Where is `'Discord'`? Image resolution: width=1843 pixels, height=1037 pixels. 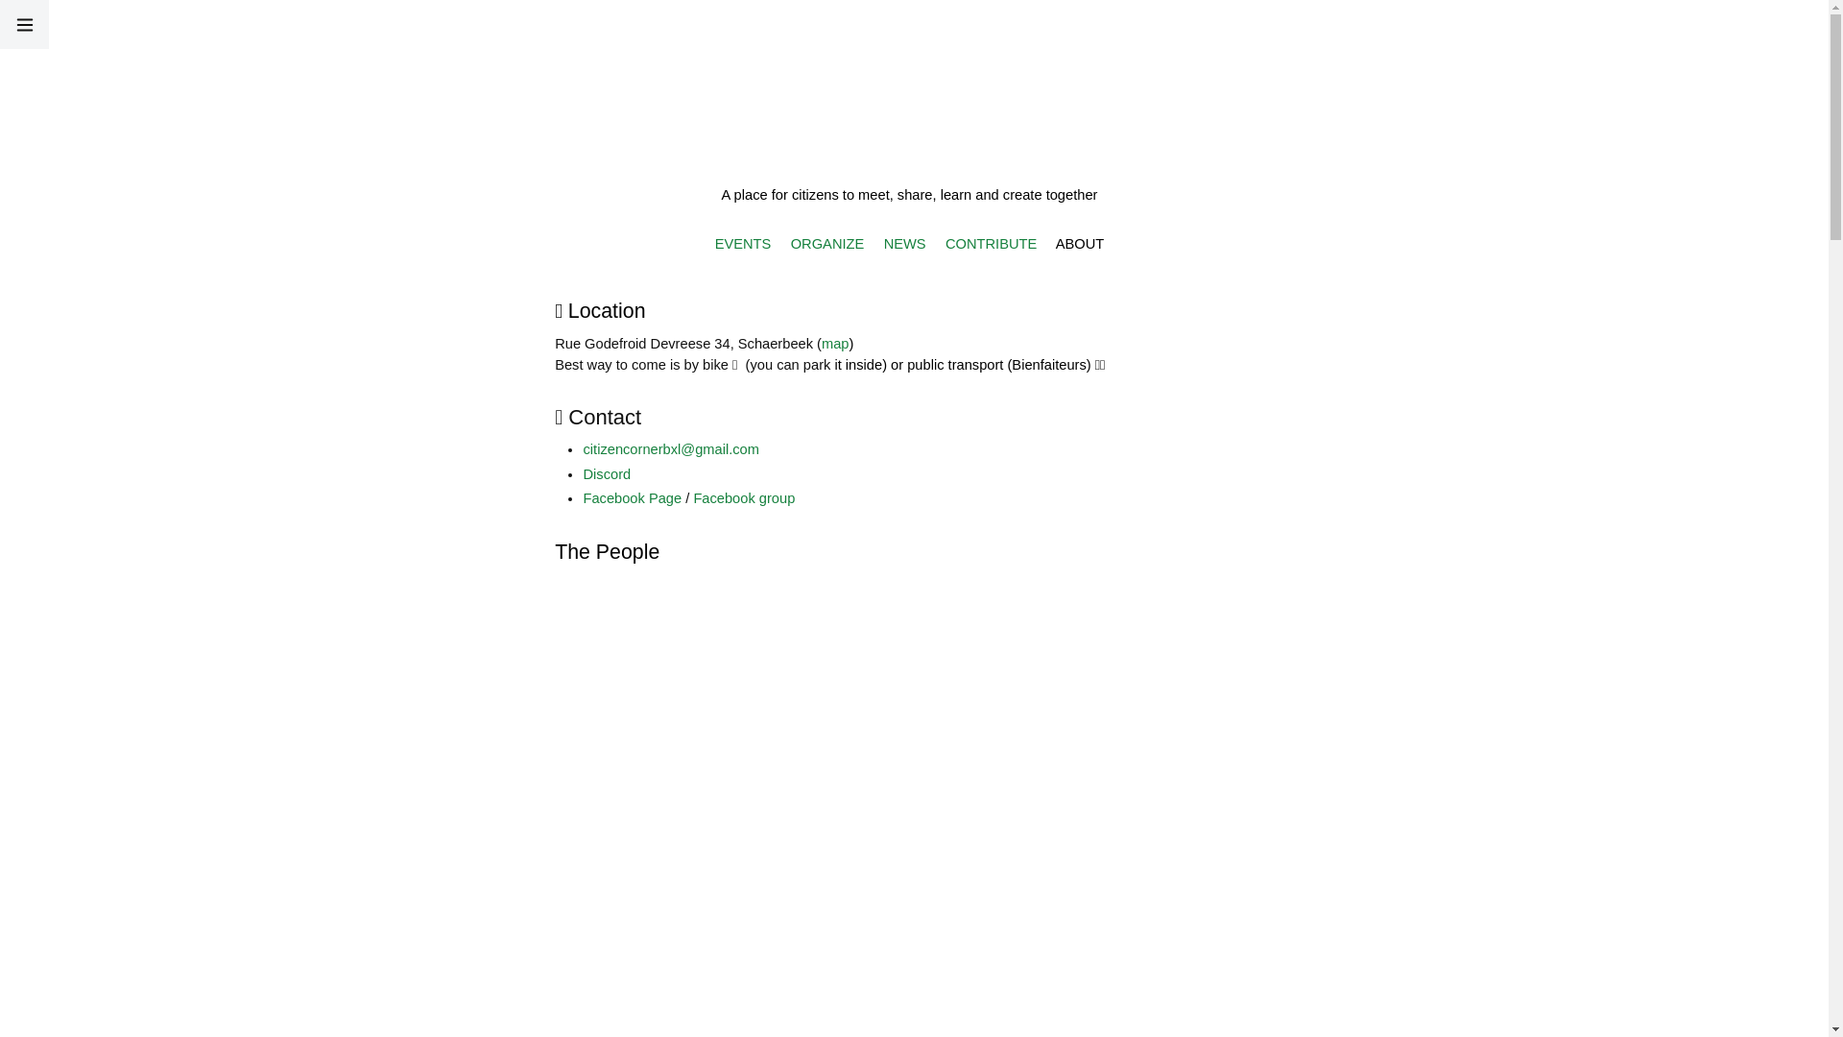 'Discord' is located at coordinates (606, 473).